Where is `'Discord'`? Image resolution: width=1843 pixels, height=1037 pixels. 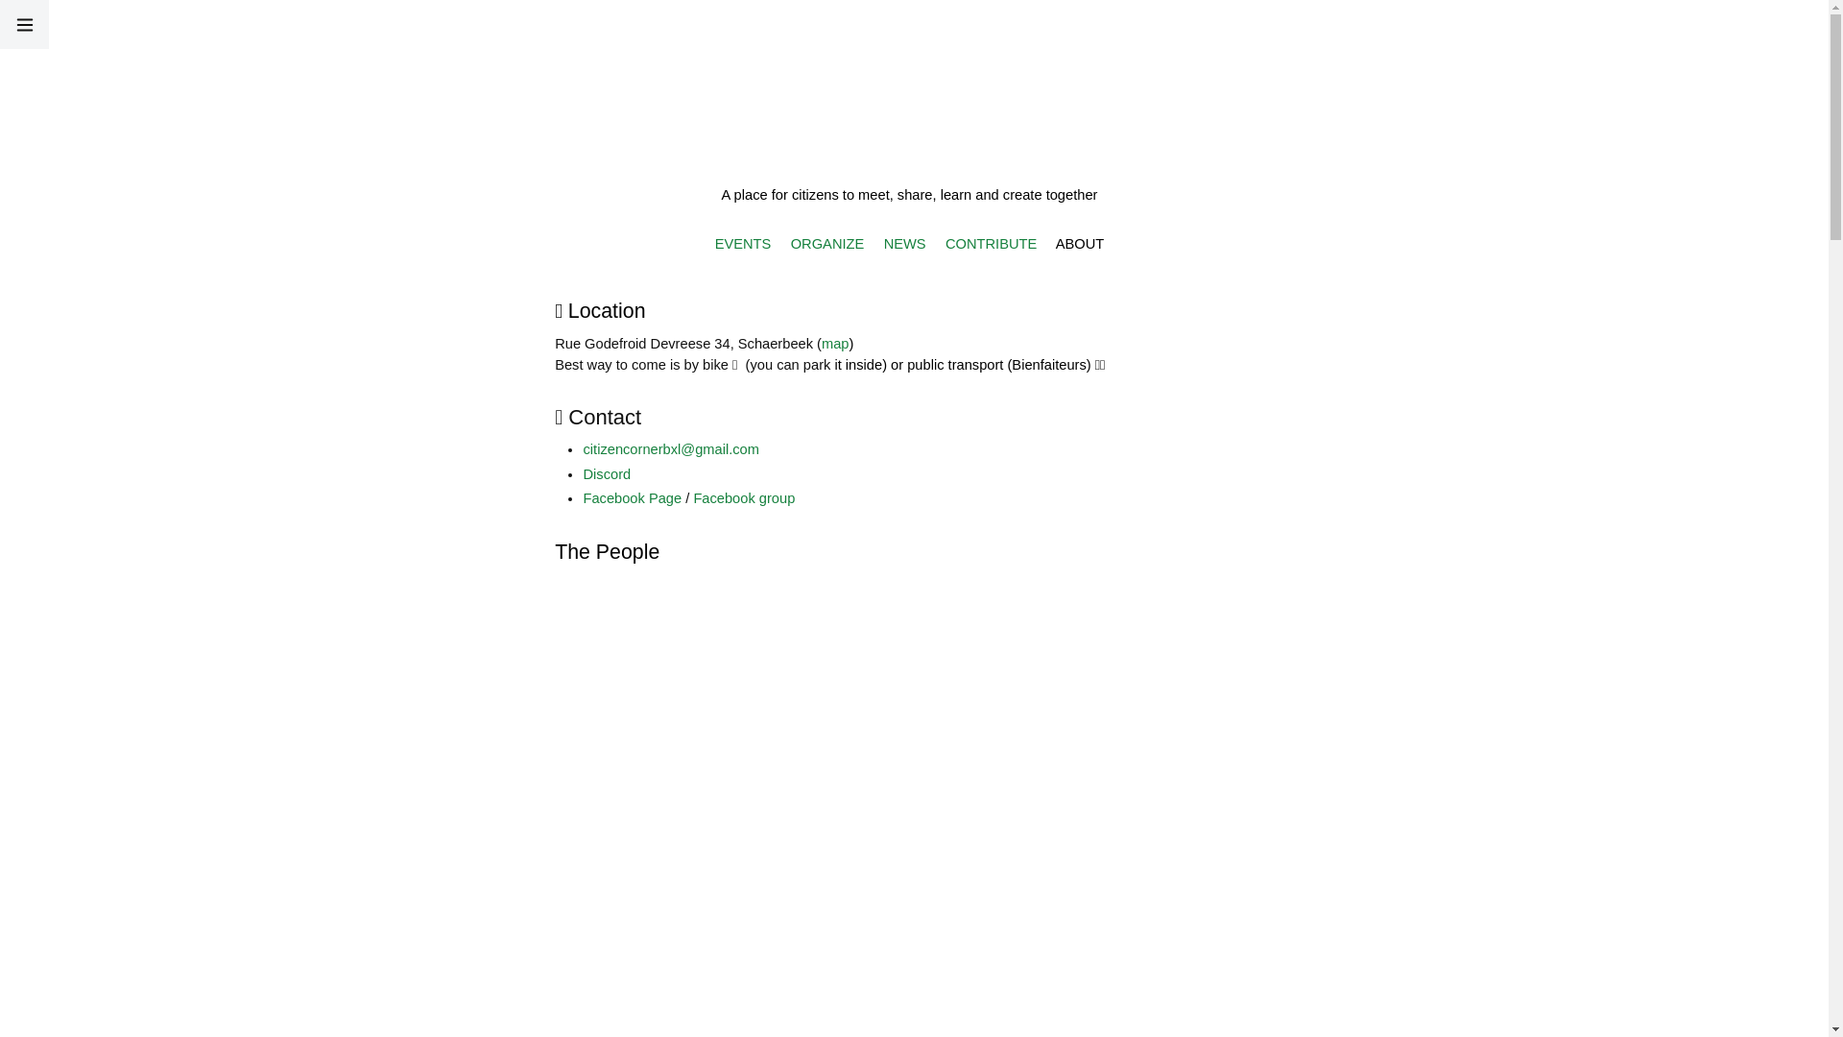 'Discord' is located at coordinates (606, 473).